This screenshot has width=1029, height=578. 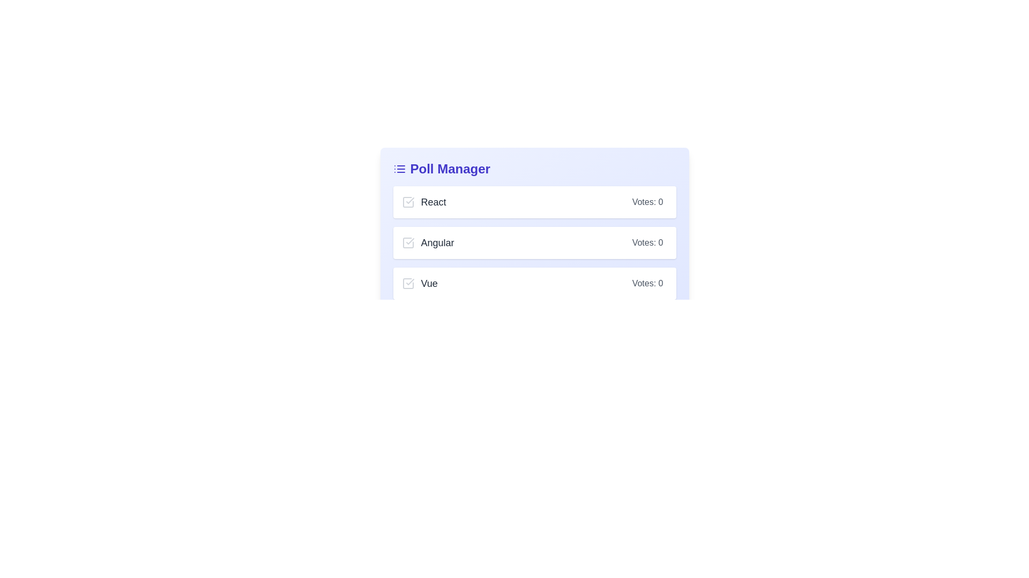 What do you see at coordinates (407, 283) in the screenshot?
I see `the outlined square checkbox icon with a checkmark inside, located to the left of the text 'Vue'` at bounding box center [407, 283].